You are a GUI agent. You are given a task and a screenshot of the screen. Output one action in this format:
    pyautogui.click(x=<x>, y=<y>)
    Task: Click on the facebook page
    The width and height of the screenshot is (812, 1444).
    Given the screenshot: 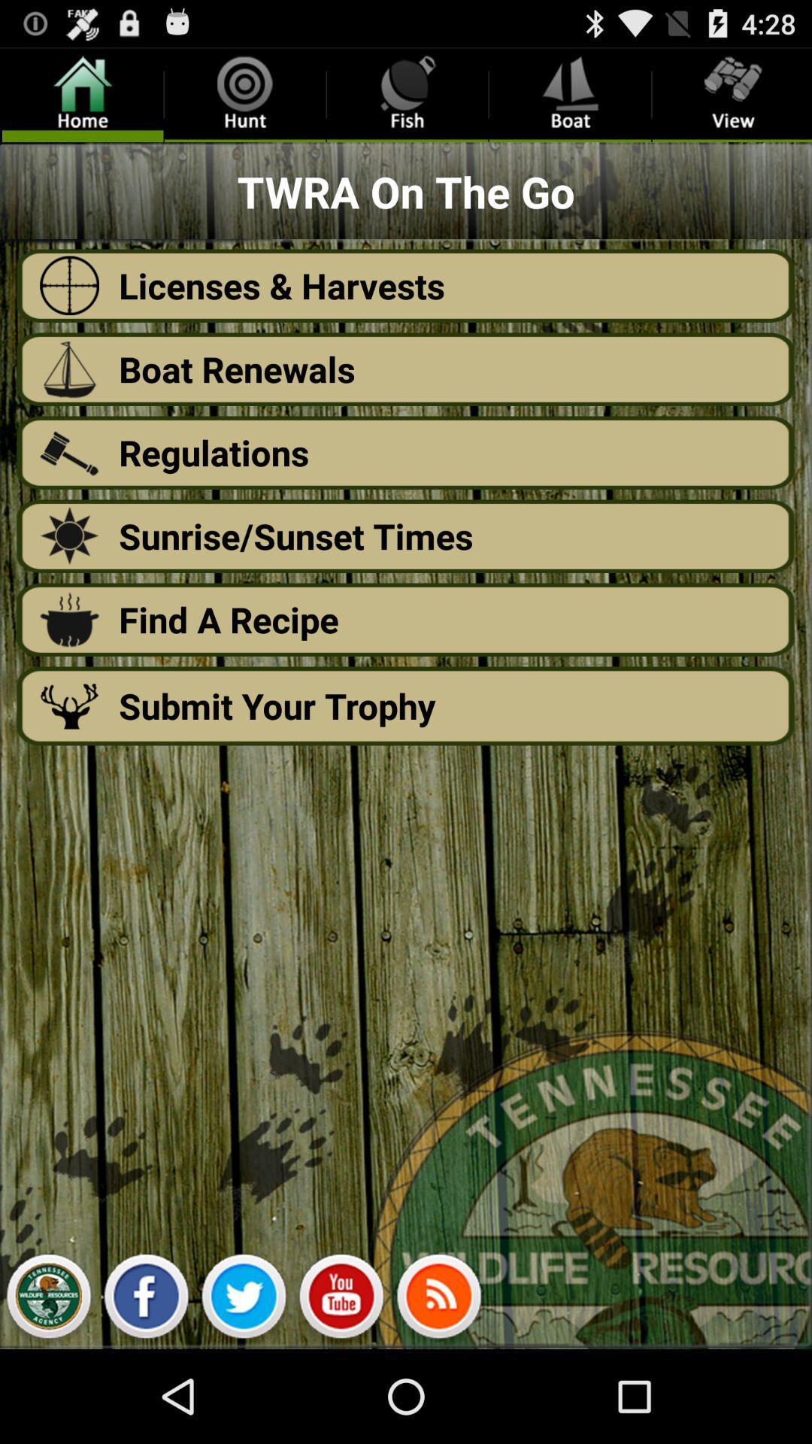 What is the action you would take?
    pyautogui.click(x=146, y=1300)
    